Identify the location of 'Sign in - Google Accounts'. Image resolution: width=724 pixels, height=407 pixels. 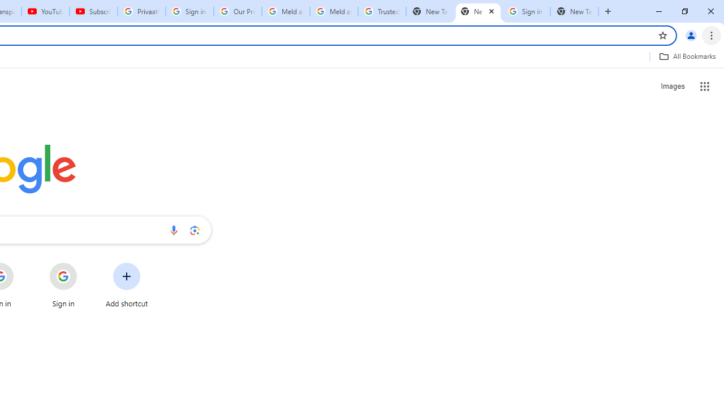
(525, 11).